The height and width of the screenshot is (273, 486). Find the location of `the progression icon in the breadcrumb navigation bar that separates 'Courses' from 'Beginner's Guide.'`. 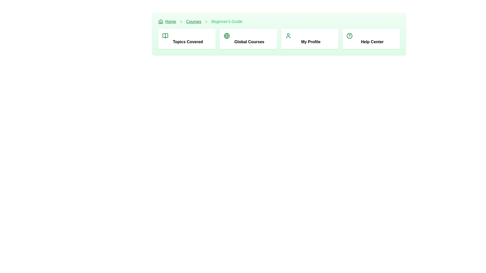

the progression icon in the breadcrumb navigation bar that separates 'Courses' from 'Beginner's Guide.' is located at coordinates (206, 21).